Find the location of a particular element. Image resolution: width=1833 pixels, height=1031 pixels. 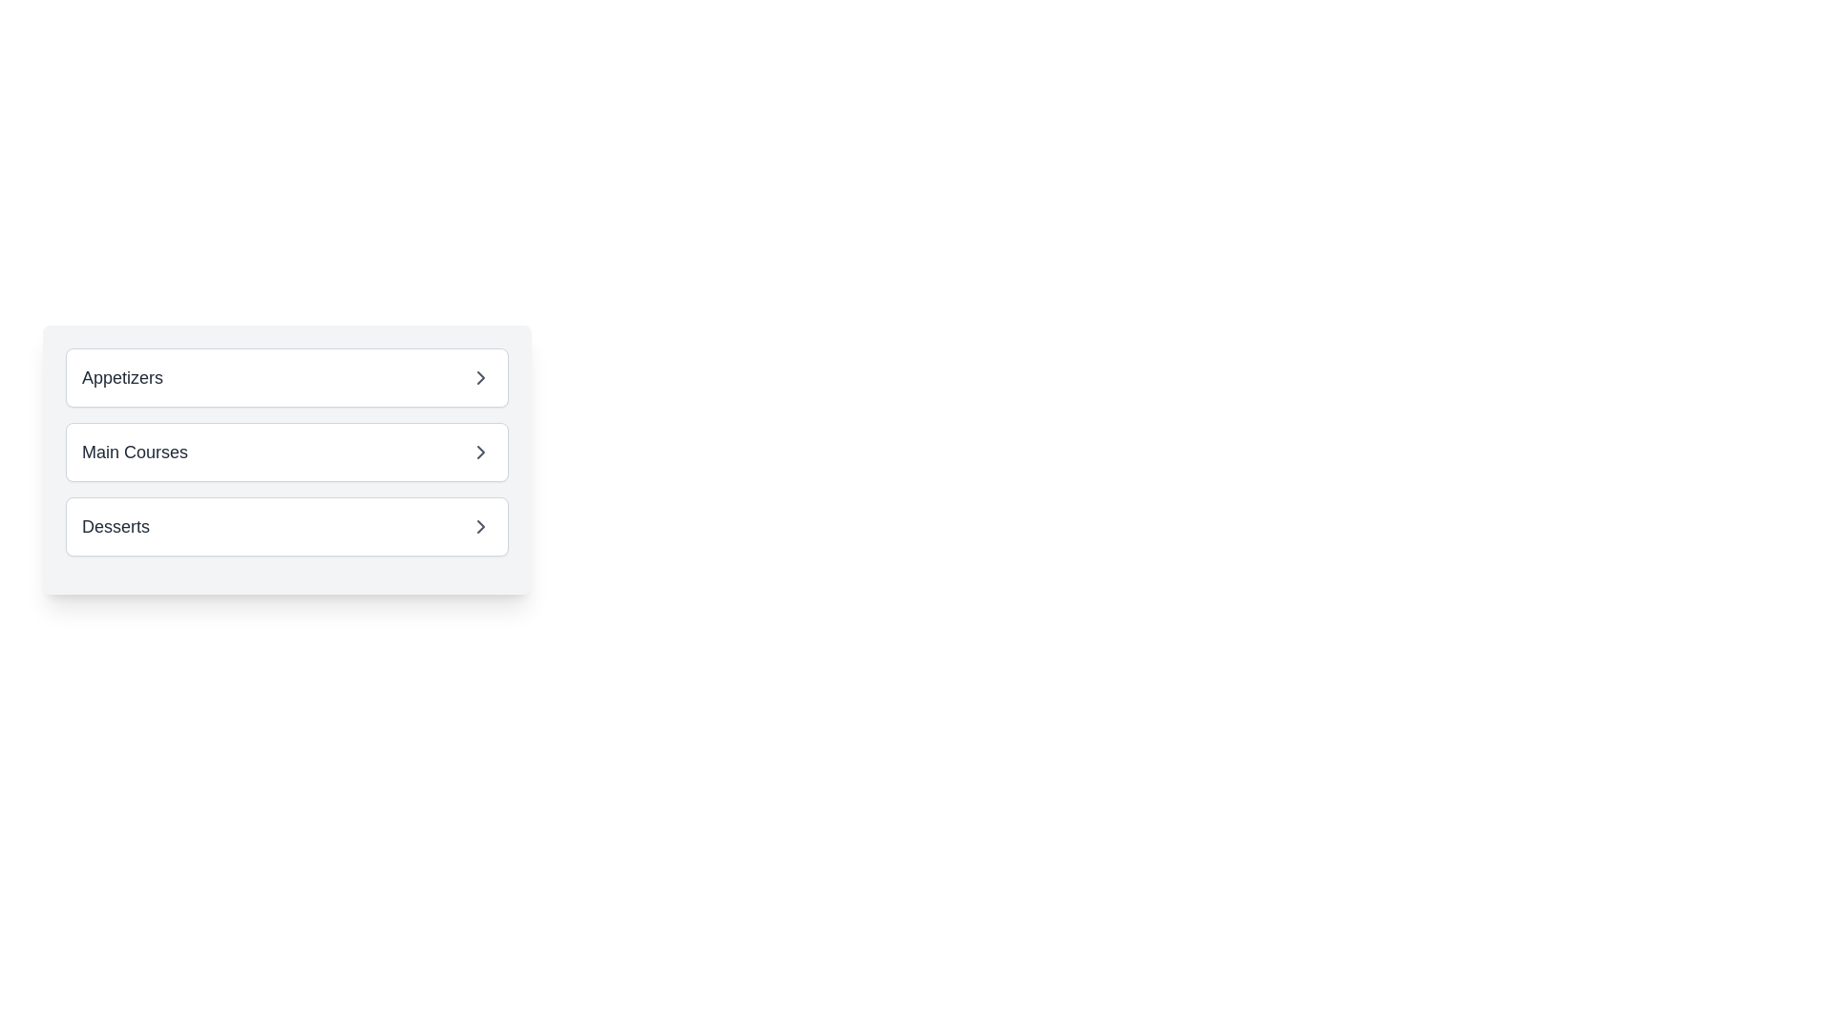

the dessert button, which is the third item in a vertically stacked menu below 'Appetizers' and 'Main Courses', to visualize interactive effects is located at coordinates (286, 526).